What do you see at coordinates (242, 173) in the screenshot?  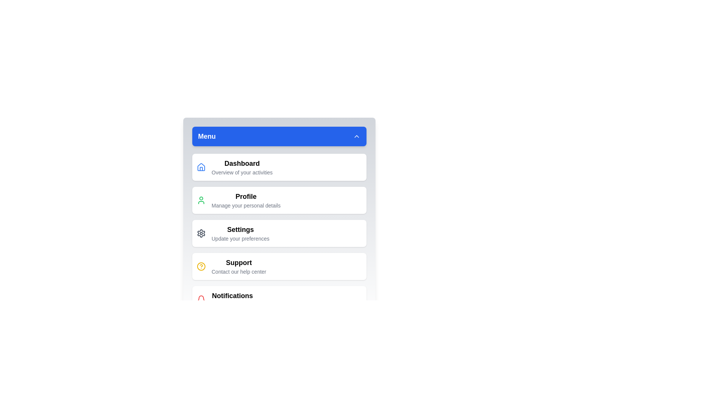 I see `the text label that reads 'Overview of your activities', which is styled with a smaller font size and light gray color, positioned directly beneath the bold title 'Dashboard' in the vertical navigation menu` at bounding box center [242, 173].